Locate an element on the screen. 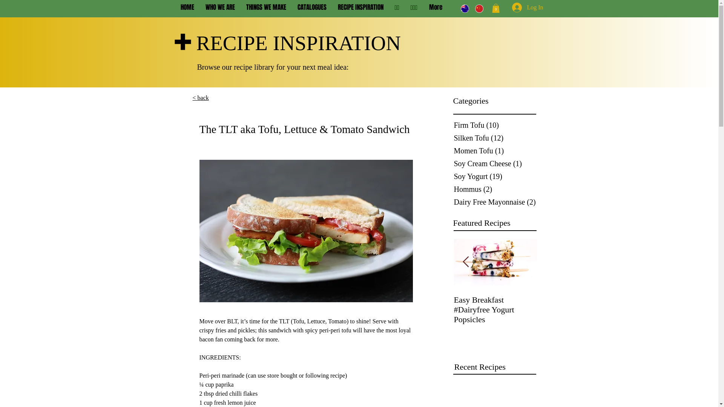  'THINGS WE MAKE' is located at coordinates (266, 7).